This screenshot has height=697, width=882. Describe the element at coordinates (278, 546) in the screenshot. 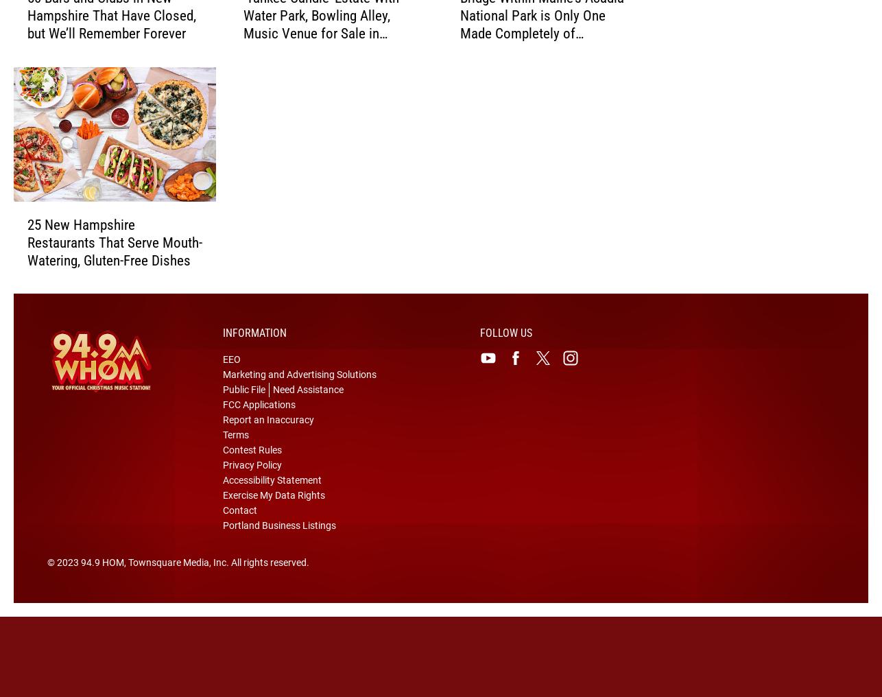

I see `'Portland Business Listings'` at that location.